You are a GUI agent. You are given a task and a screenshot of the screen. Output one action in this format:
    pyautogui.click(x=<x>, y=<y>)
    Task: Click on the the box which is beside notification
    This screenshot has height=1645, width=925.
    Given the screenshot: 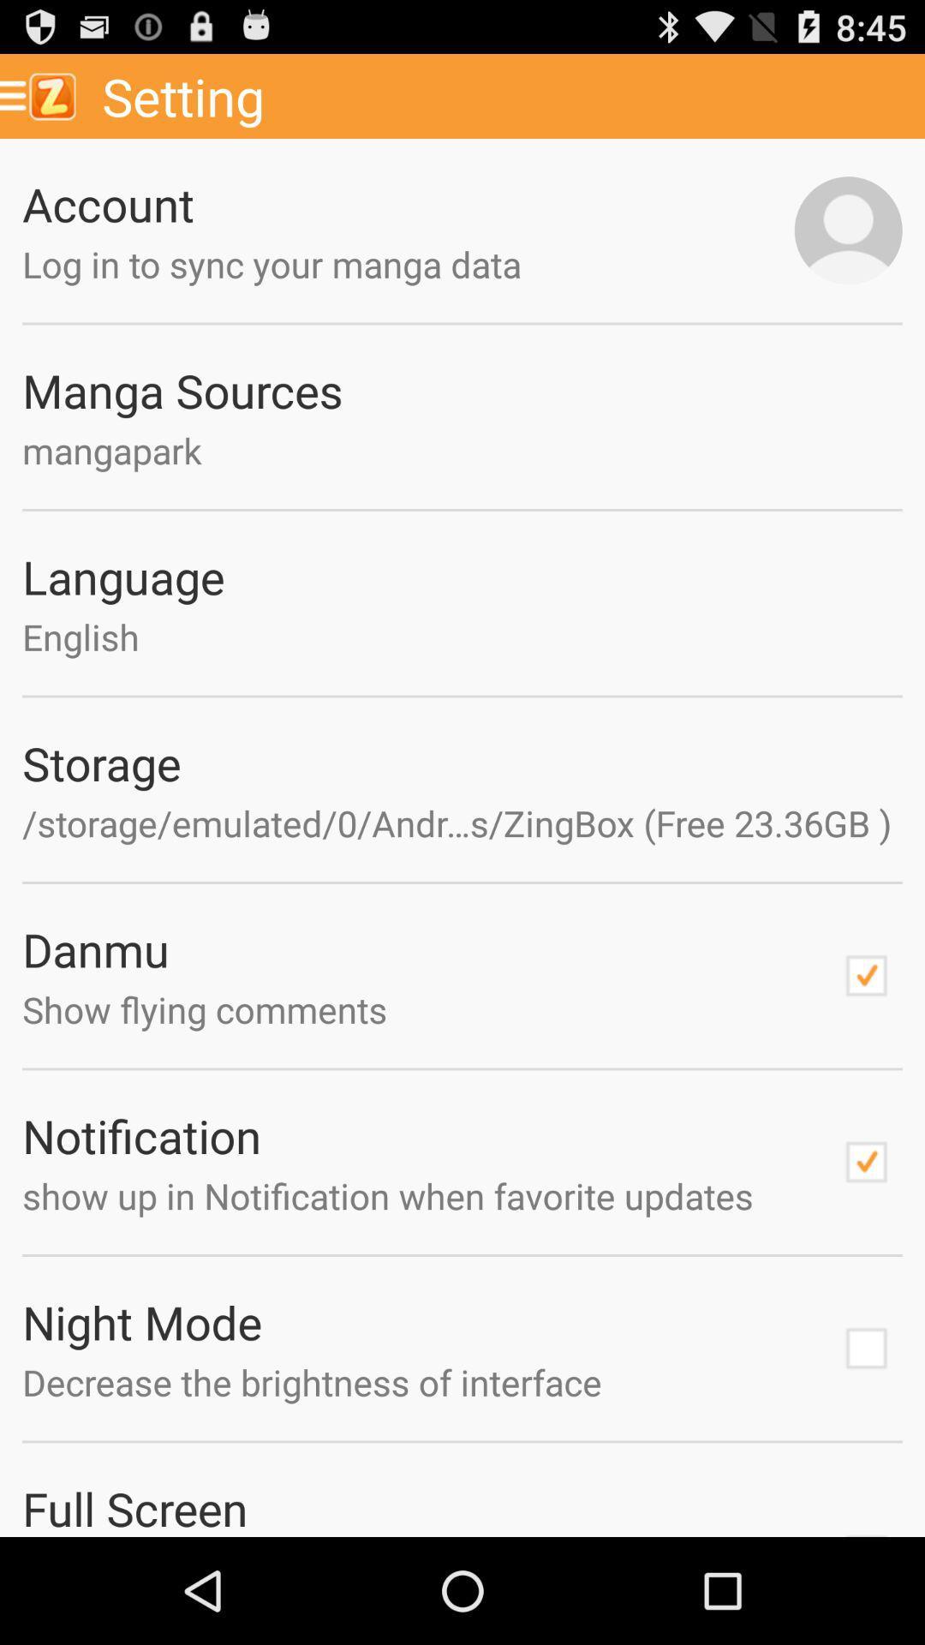 What is the action you would take?
    pyautogui.click(x=866, y=1163)
    